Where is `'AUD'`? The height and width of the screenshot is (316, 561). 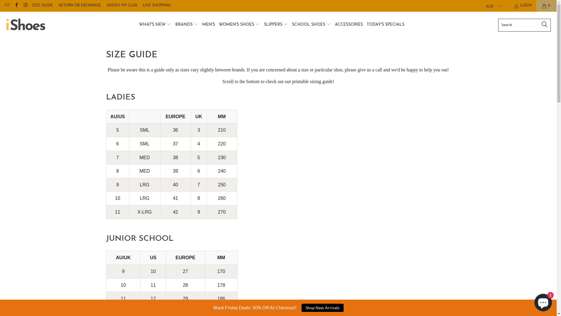
'AUD' is located at coordinates (491, 6).